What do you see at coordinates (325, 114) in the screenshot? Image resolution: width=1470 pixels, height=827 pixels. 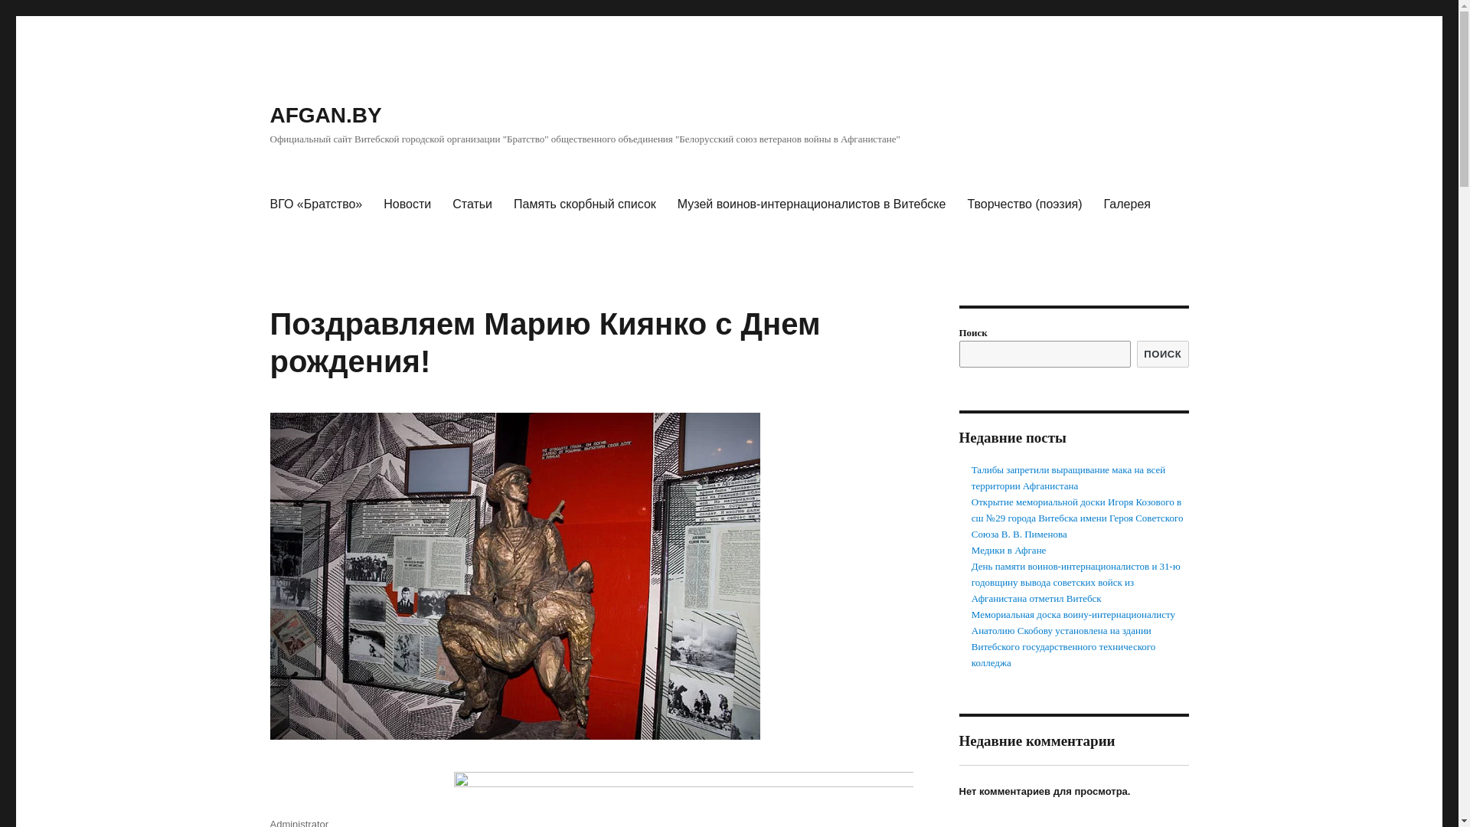 I see `'AFGAN.BY'` at bounding box center [325, 114].